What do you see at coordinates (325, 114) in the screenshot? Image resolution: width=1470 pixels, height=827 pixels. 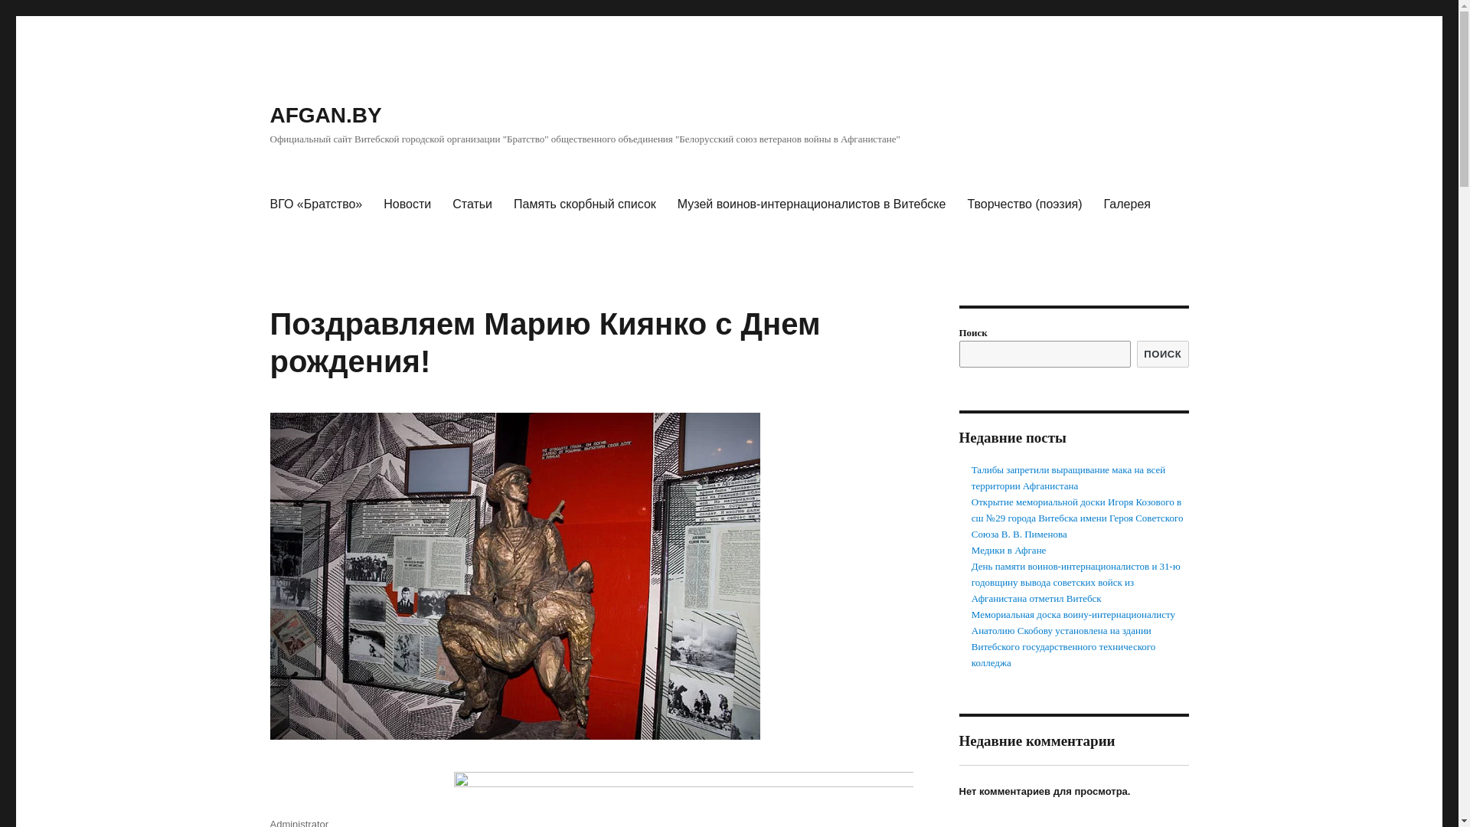 I see `'AFGAN.BY'` at bounding box center [325, 114].